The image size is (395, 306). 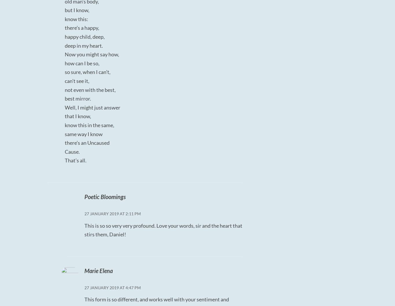 I want to click on 'but I know,', so click(x=77, y=10).